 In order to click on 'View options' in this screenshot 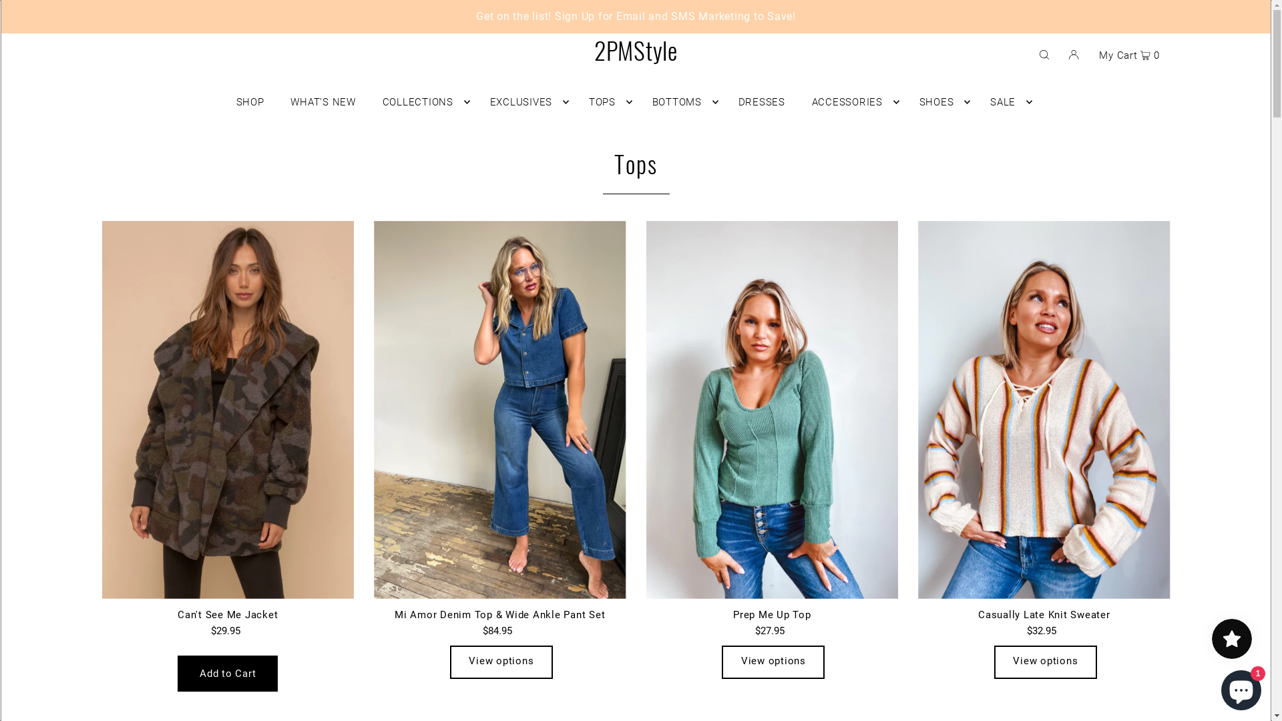, I will do `click(773, 662)`.